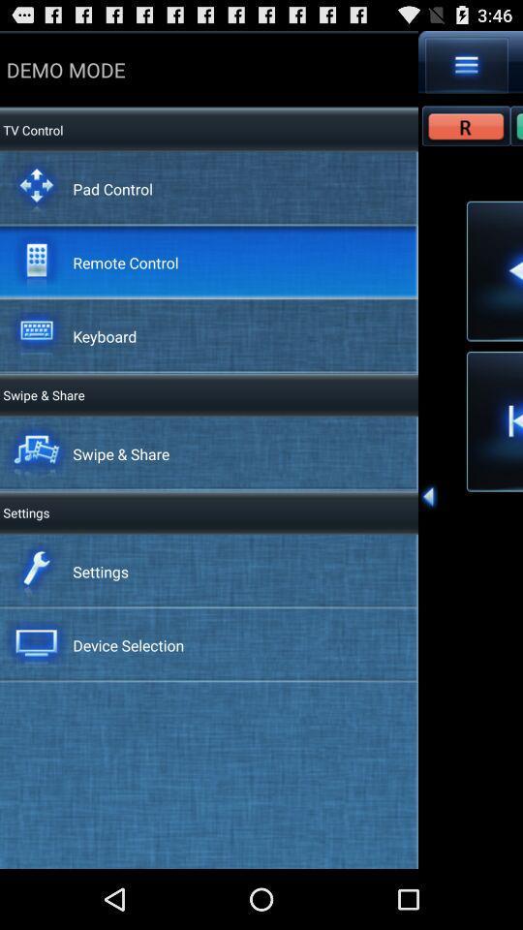 This screenshot has height=930, width=523. I want to click on item above  swipe & share app, so click(105, 336).